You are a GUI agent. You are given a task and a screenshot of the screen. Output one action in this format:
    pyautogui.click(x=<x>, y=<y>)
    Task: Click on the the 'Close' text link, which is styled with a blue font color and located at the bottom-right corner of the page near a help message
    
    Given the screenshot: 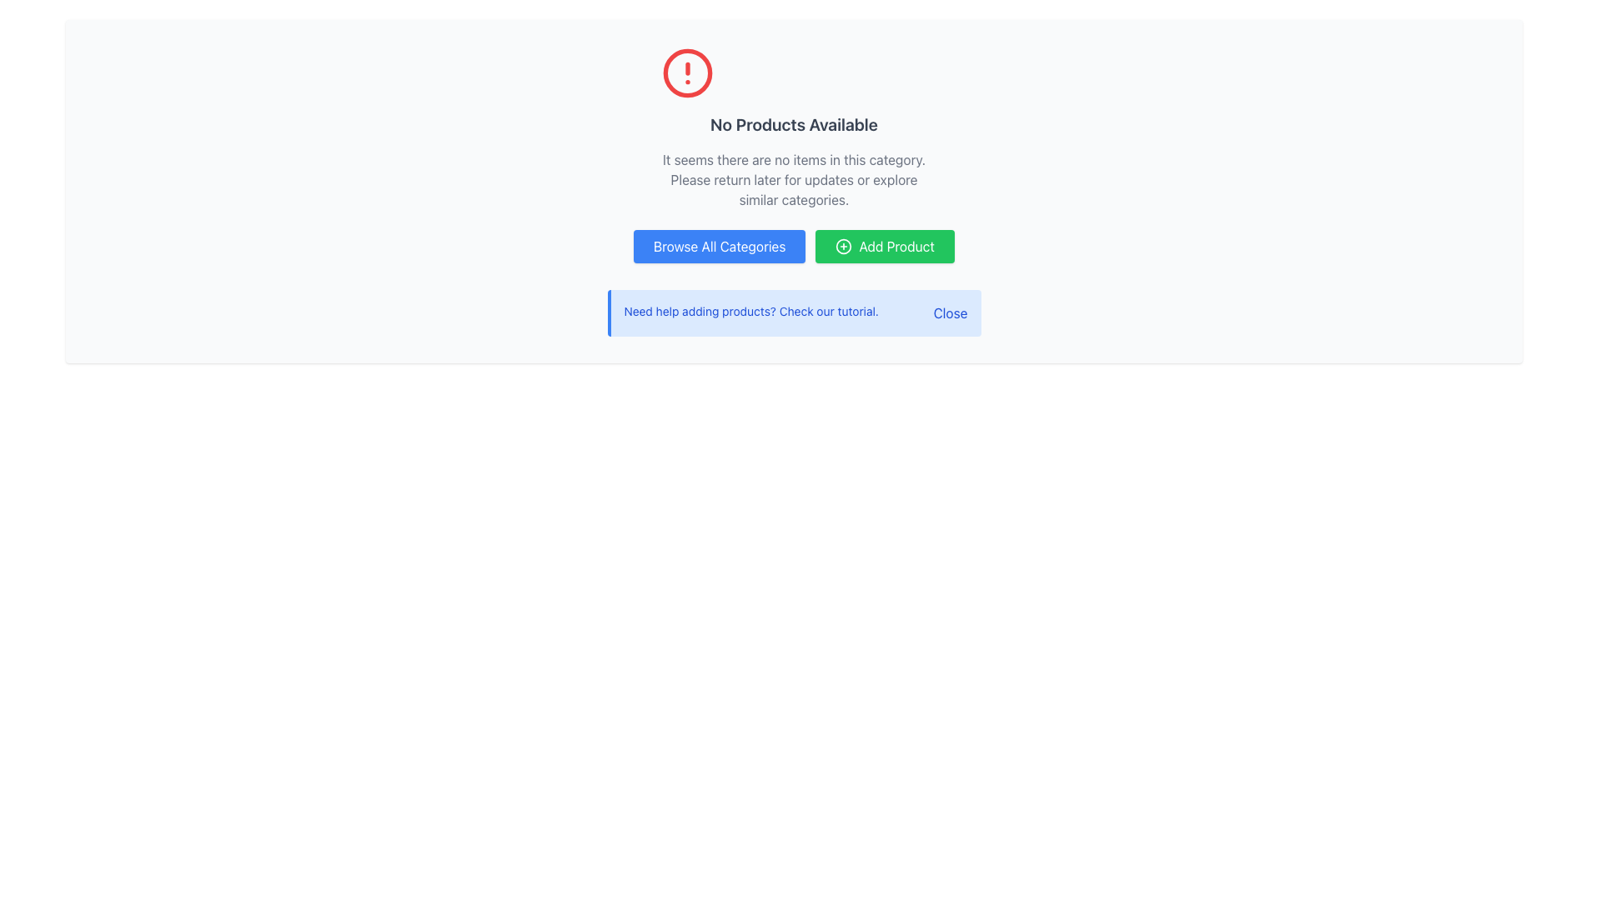 What is the action you would take?
    pyautogui.click(x=951, y=312)
    